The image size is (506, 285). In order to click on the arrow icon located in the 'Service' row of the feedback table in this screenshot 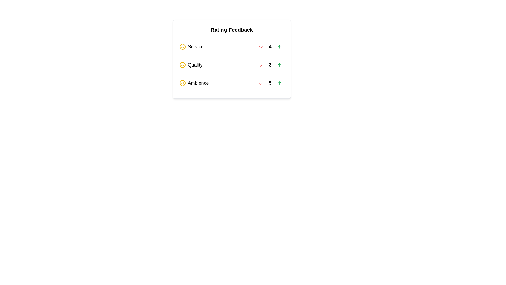, I will do `click(261, 46)`.